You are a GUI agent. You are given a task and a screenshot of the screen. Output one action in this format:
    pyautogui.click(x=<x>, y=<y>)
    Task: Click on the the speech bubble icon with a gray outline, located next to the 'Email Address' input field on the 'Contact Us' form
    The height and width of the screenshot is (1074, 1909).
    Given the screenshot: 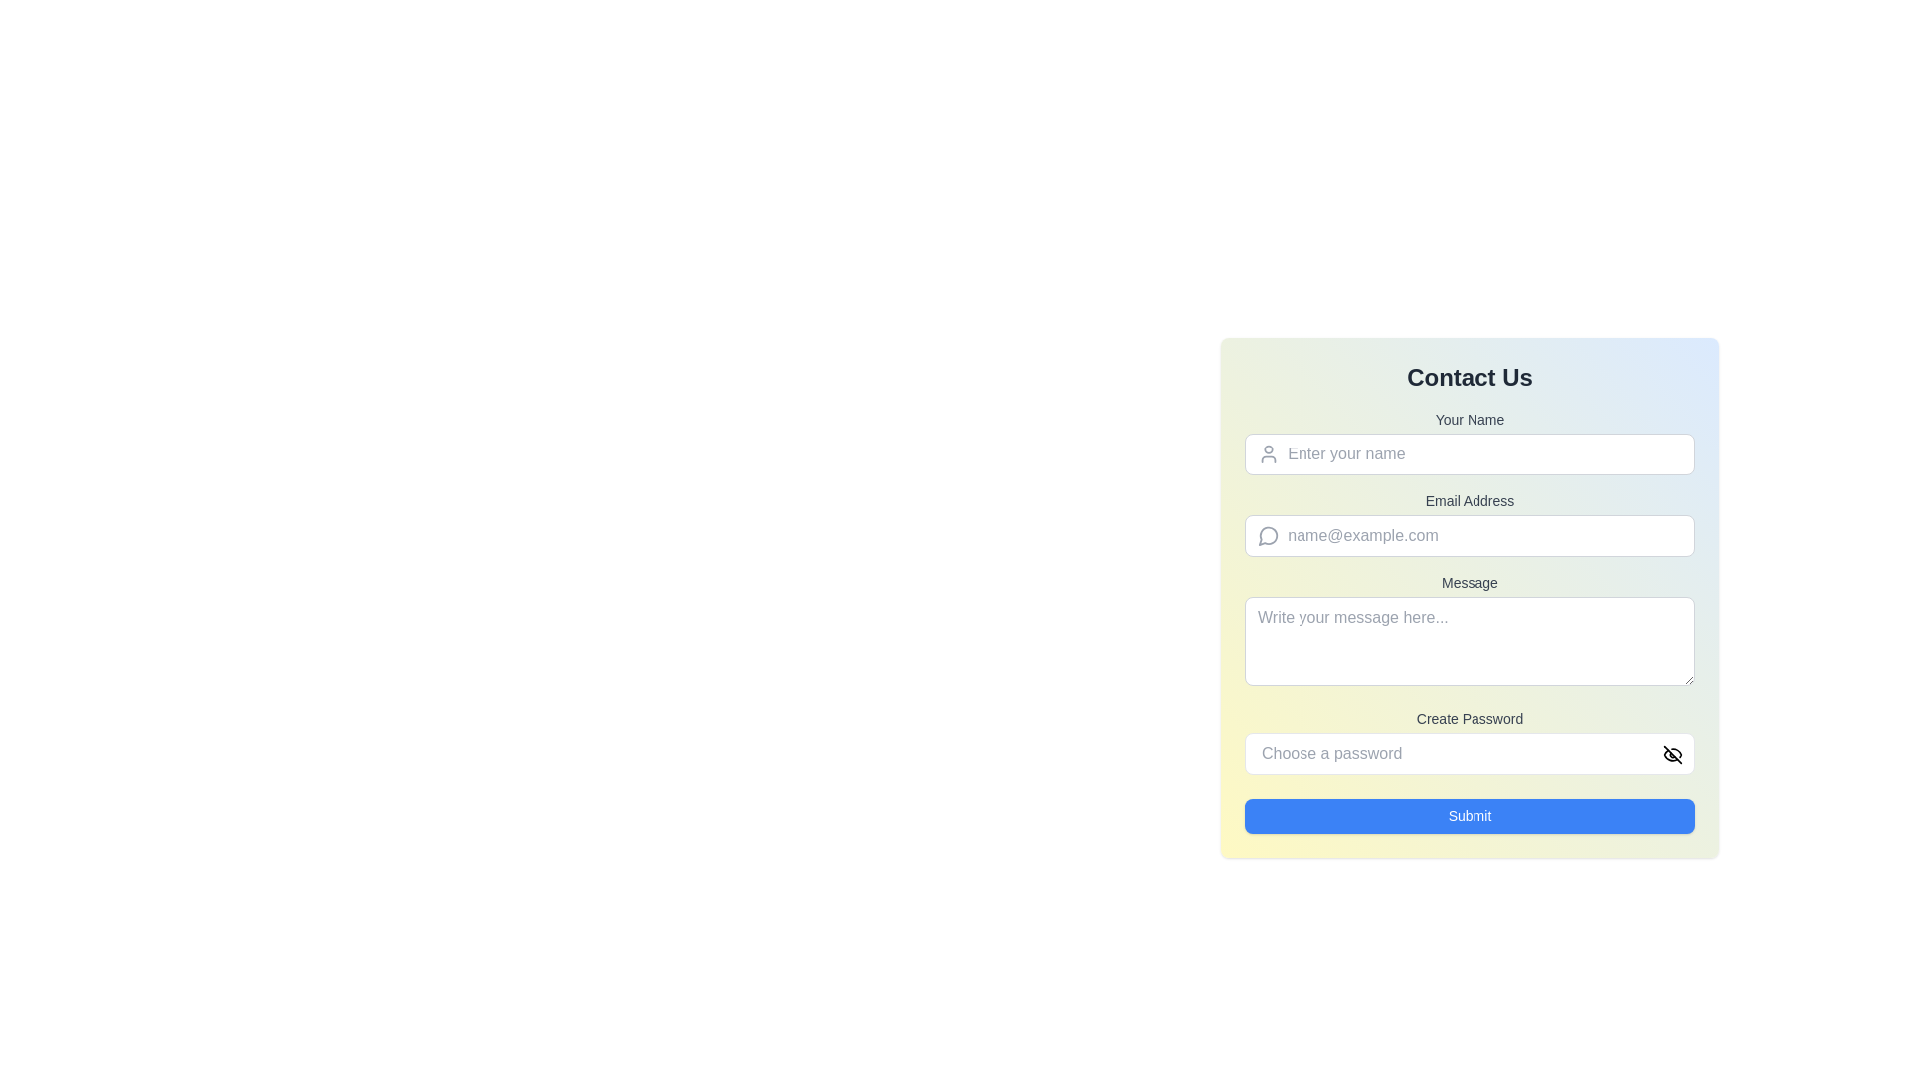 What is the action you would take?
    pyautogui.click(x=1267, y=535)
    